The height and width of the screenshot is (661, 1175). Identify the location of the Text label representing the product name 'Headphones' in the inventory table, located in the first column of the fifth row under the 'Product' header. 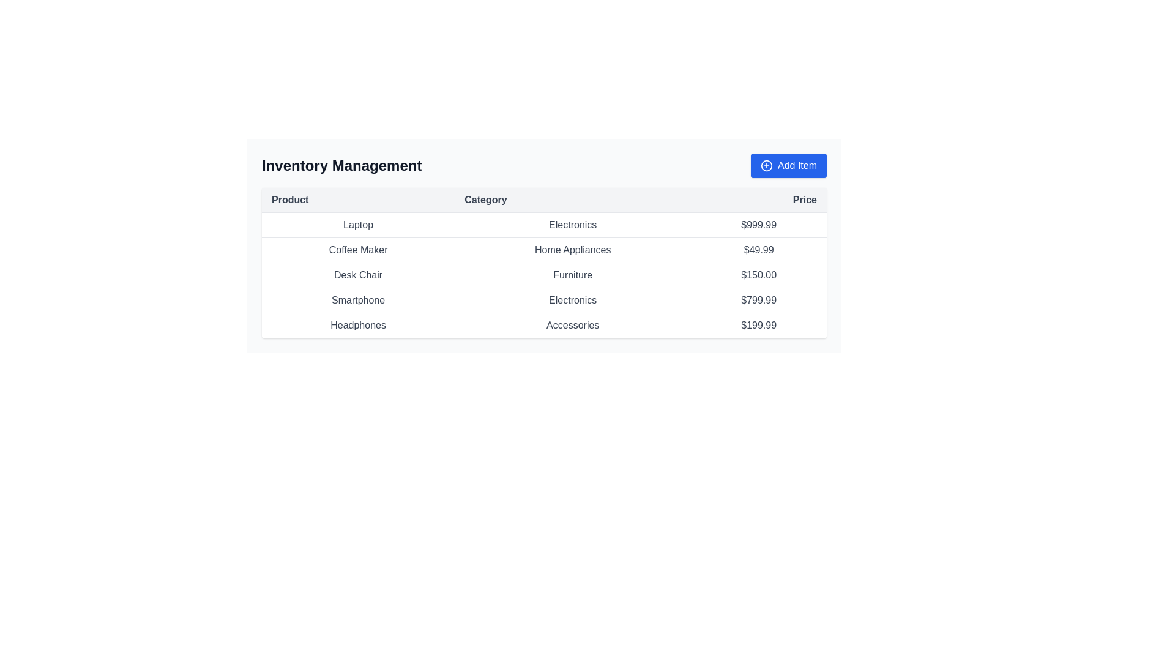
(357, 325).